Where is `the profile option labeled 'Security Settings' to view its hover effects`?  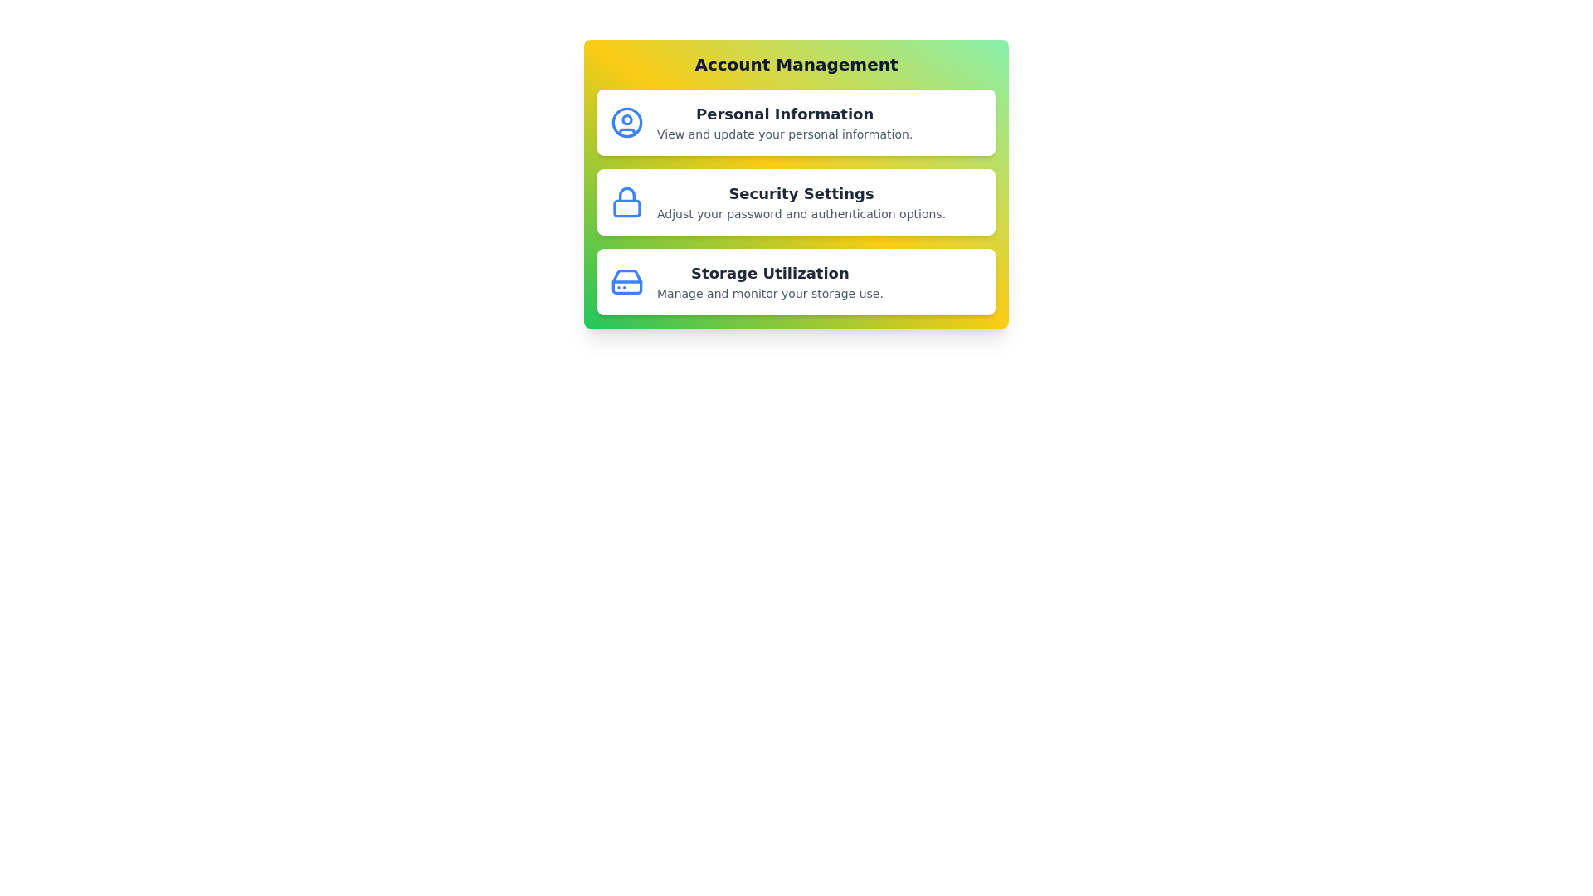
the profile option labeled 'Security Settings' to view its hover effects is located at coordinates (796, 201).